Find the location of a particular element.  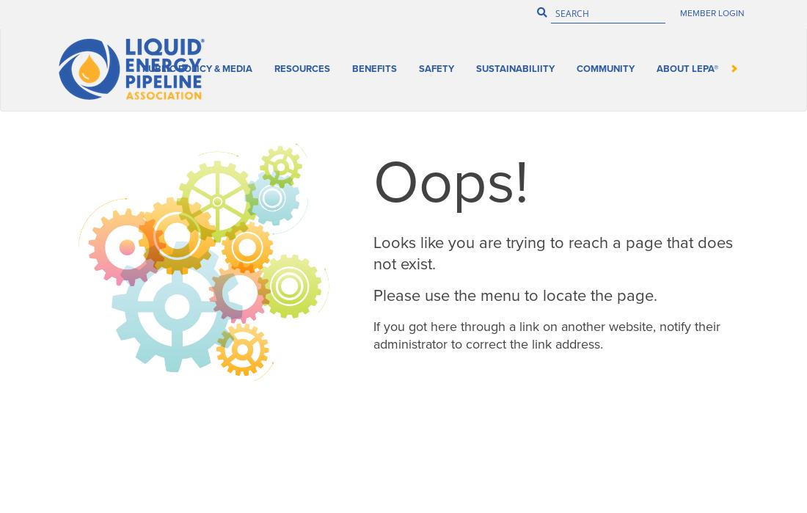

'Member Login' is located at coordinates (679, 13).